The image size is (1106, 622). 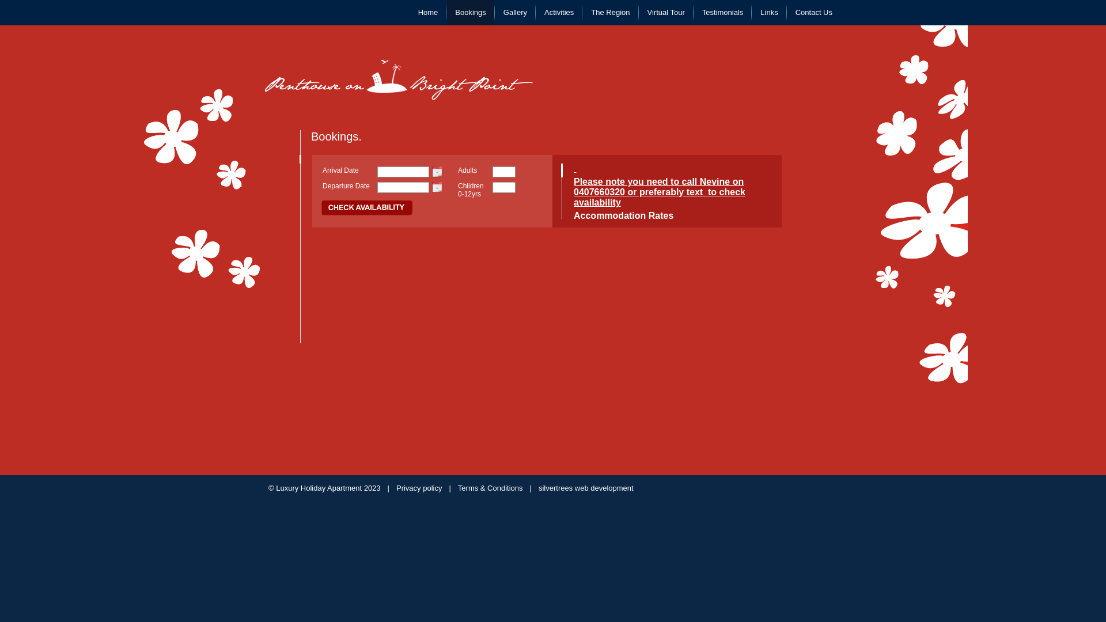 I want to click on 'Gallery', so click(x=514, y=13).